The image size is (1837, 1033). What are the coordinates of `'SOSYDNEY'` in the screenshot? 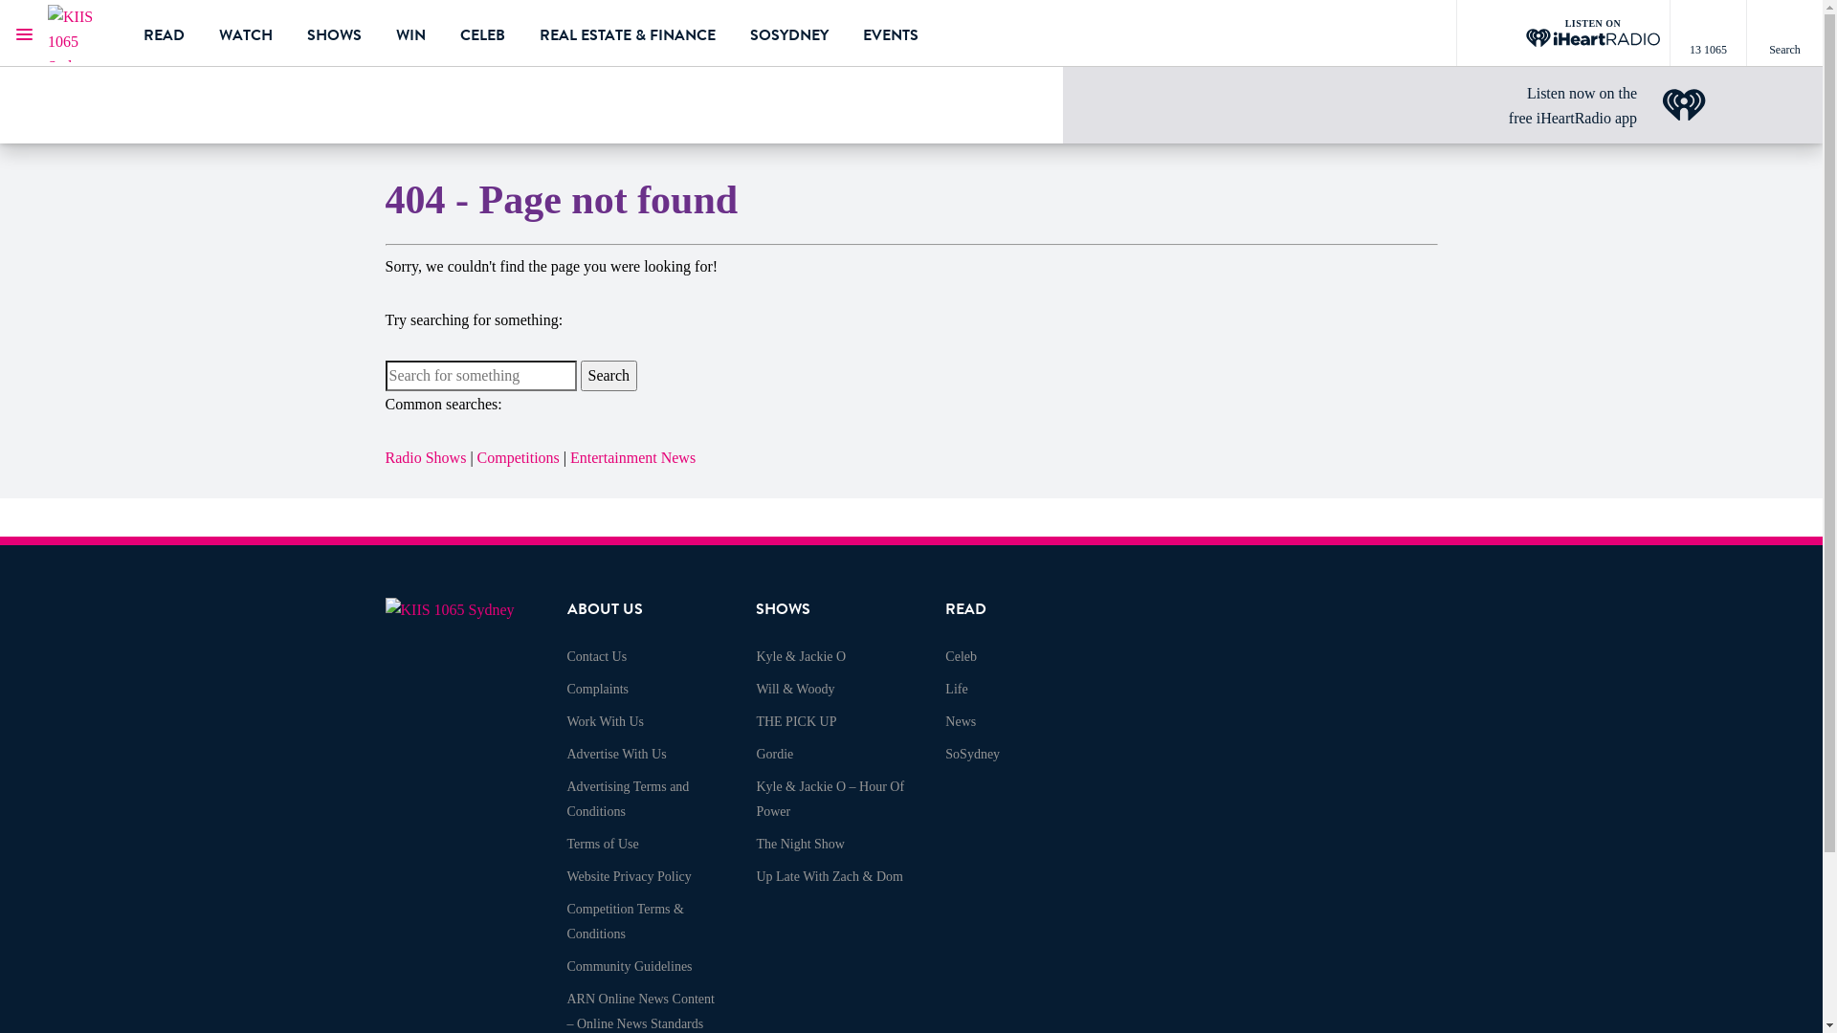 It's located at (748, 33).